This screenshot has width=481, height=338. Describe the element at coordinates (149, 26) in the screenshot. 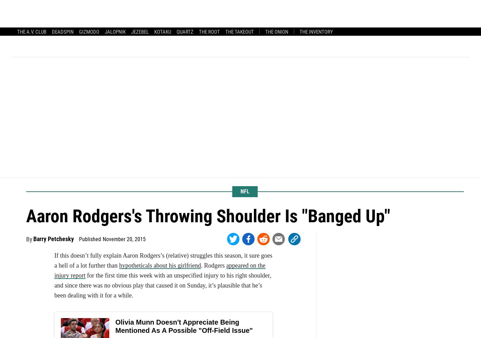

I see `'En Español'` at that location.